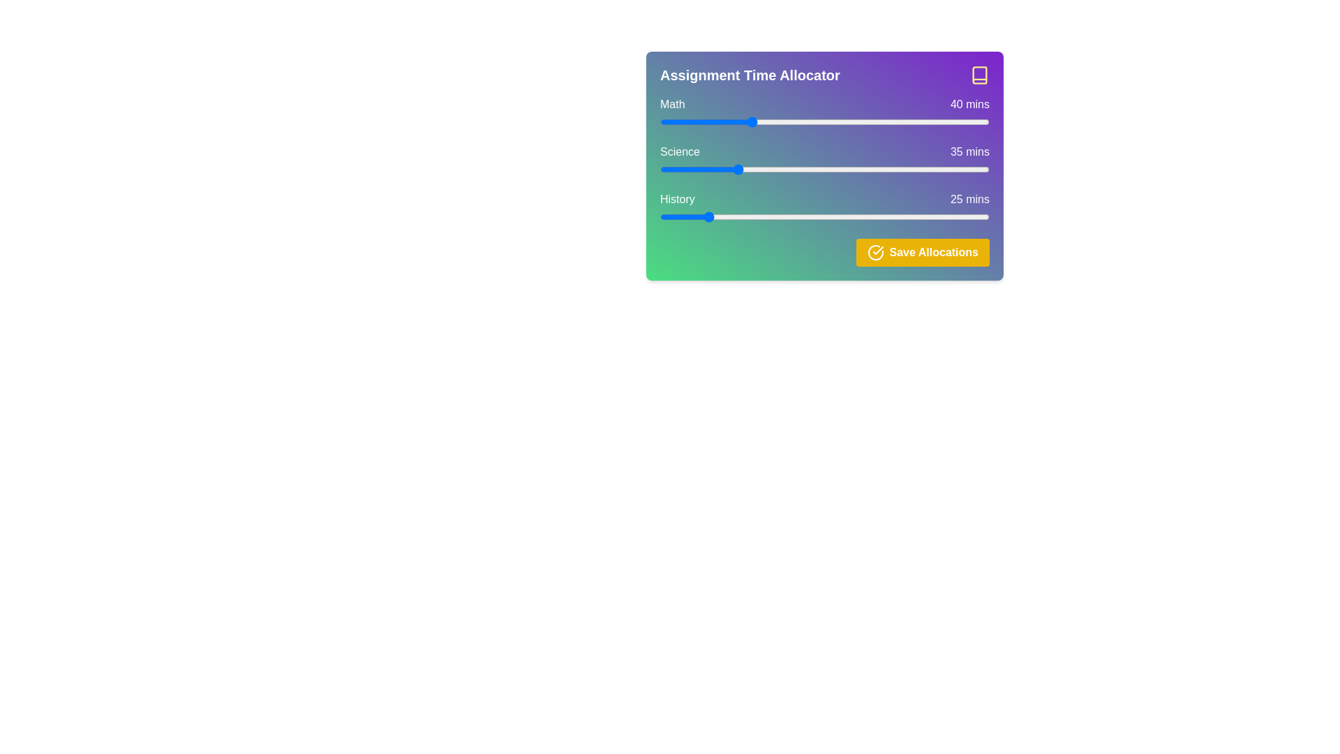 The image size is (1340, 754). I want to click on time allocation for Science, so click(779, 169).